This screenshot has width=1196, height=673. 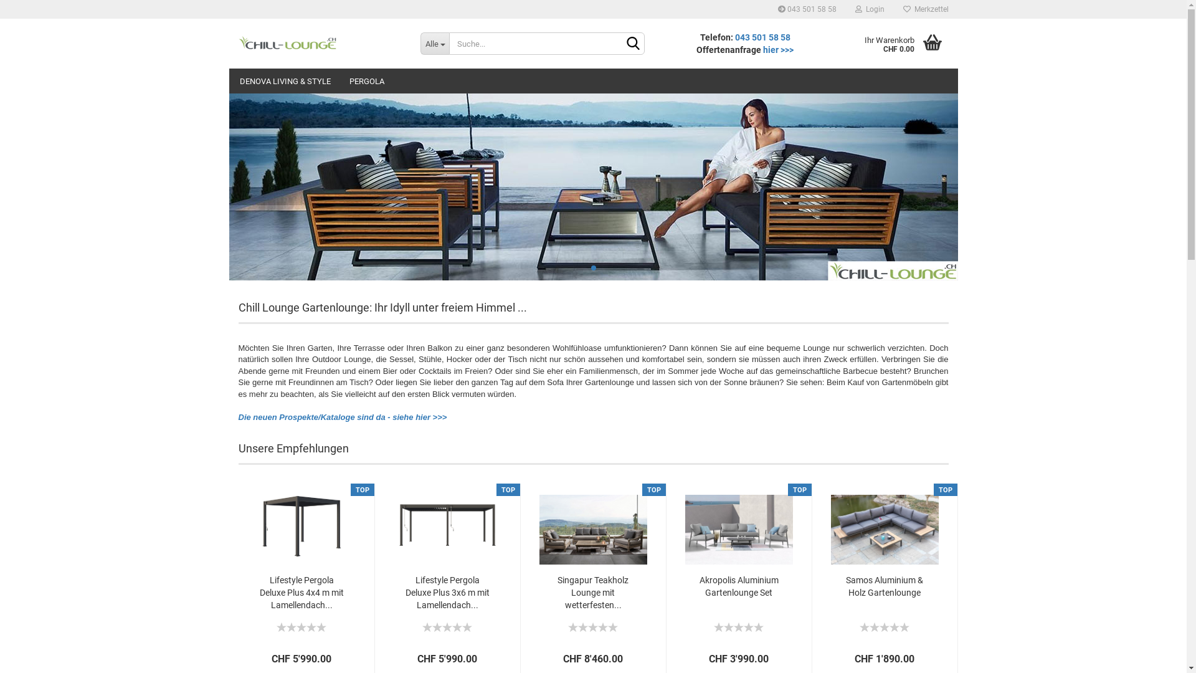 I want to click on 'PERGOLA', so click(x=366, y=81).